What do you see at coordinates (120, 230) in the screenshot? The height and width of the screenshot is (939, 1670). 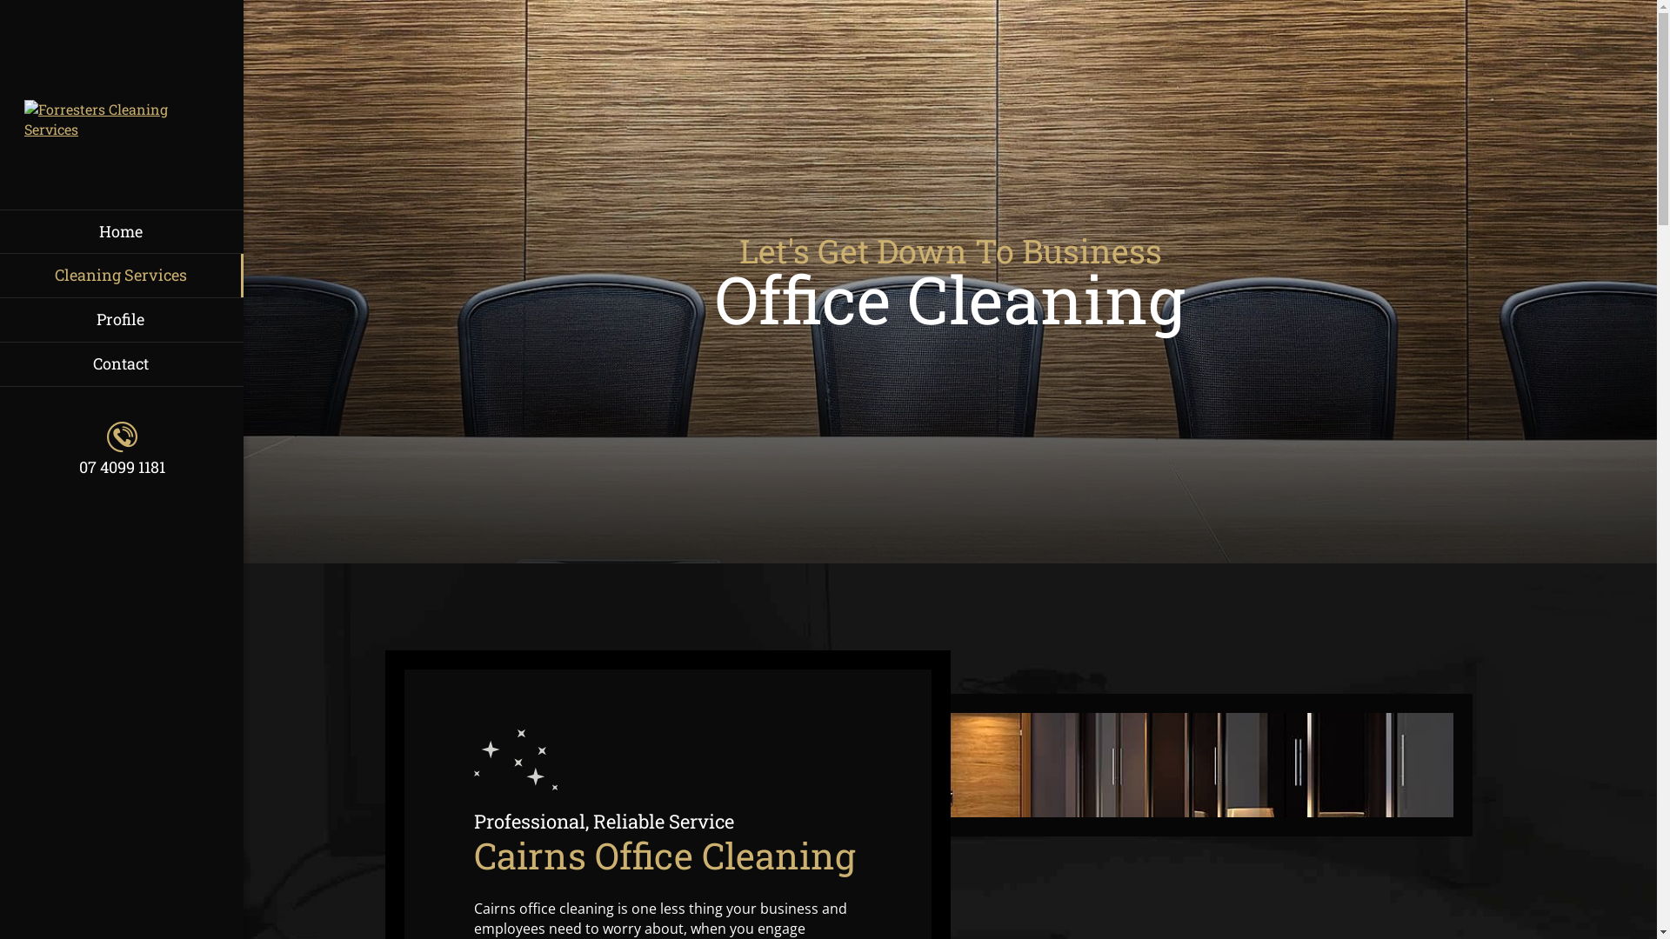 I see `'Home'` at bounding box center [120, 230].